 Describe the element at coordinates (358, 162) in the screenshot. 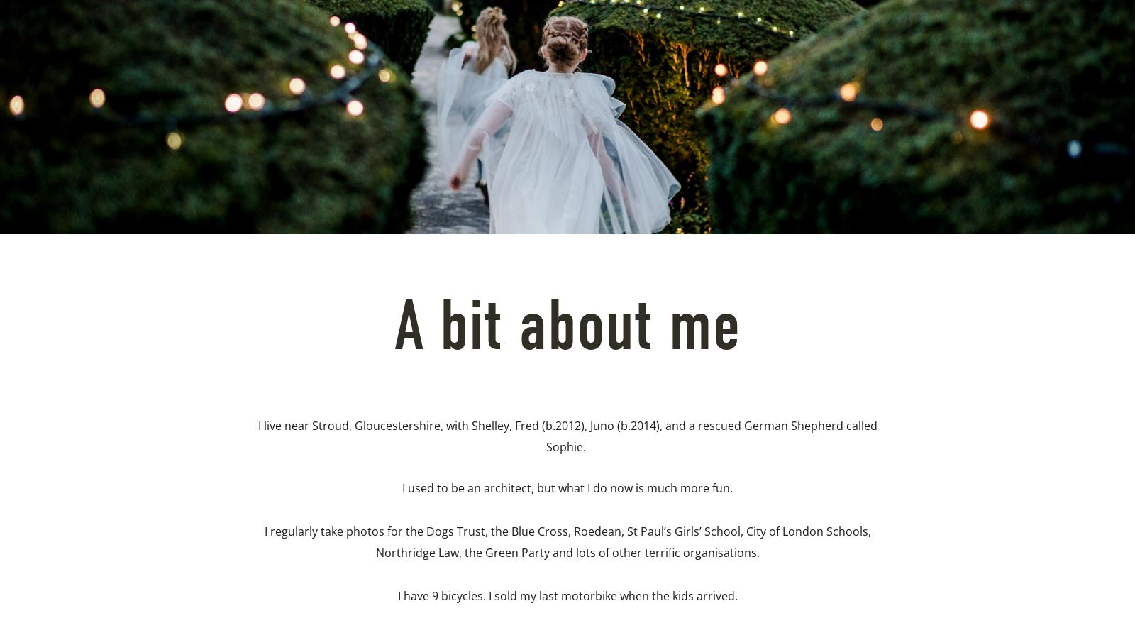

I see `'About'` at that location.